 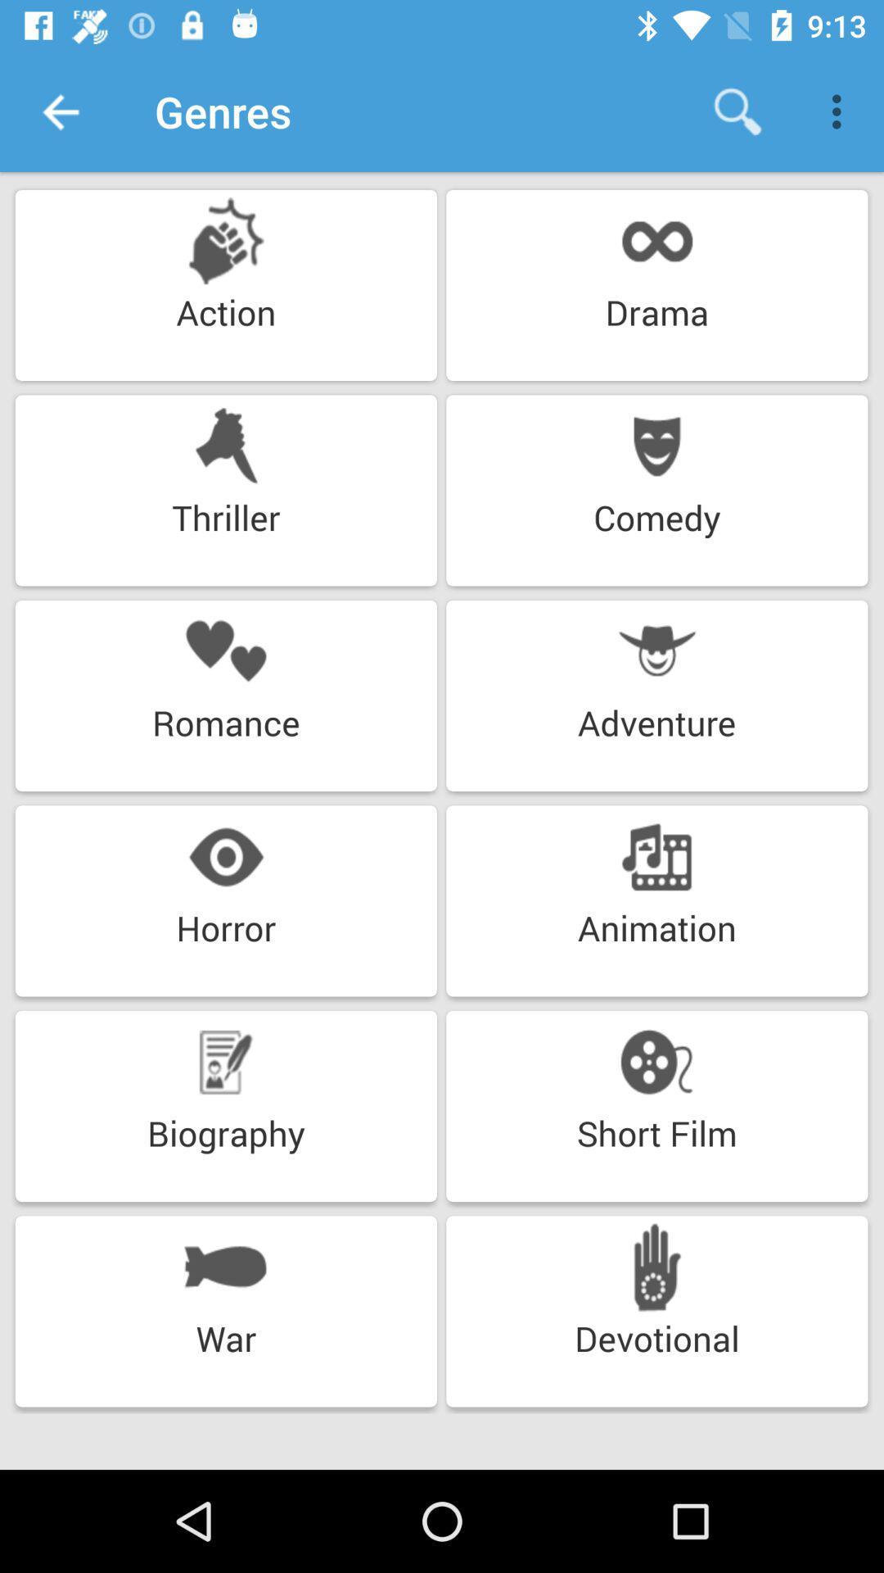 I want to click on the icon next to the genres  icon, so click(x=737, y=111).